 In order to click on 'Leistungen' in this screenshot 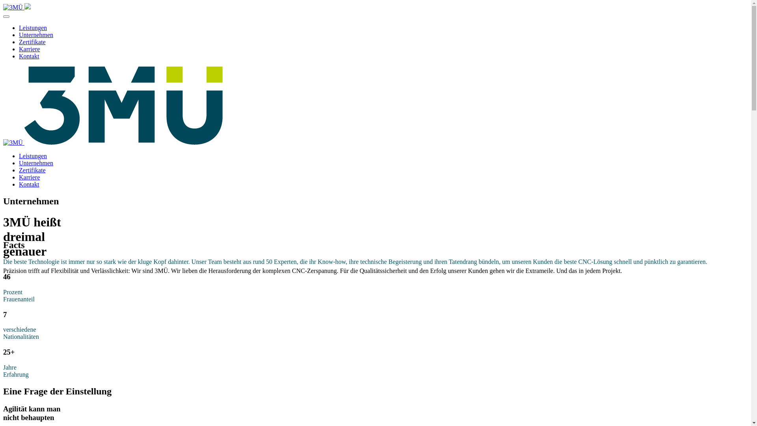, I will do `click(32, 156)`.